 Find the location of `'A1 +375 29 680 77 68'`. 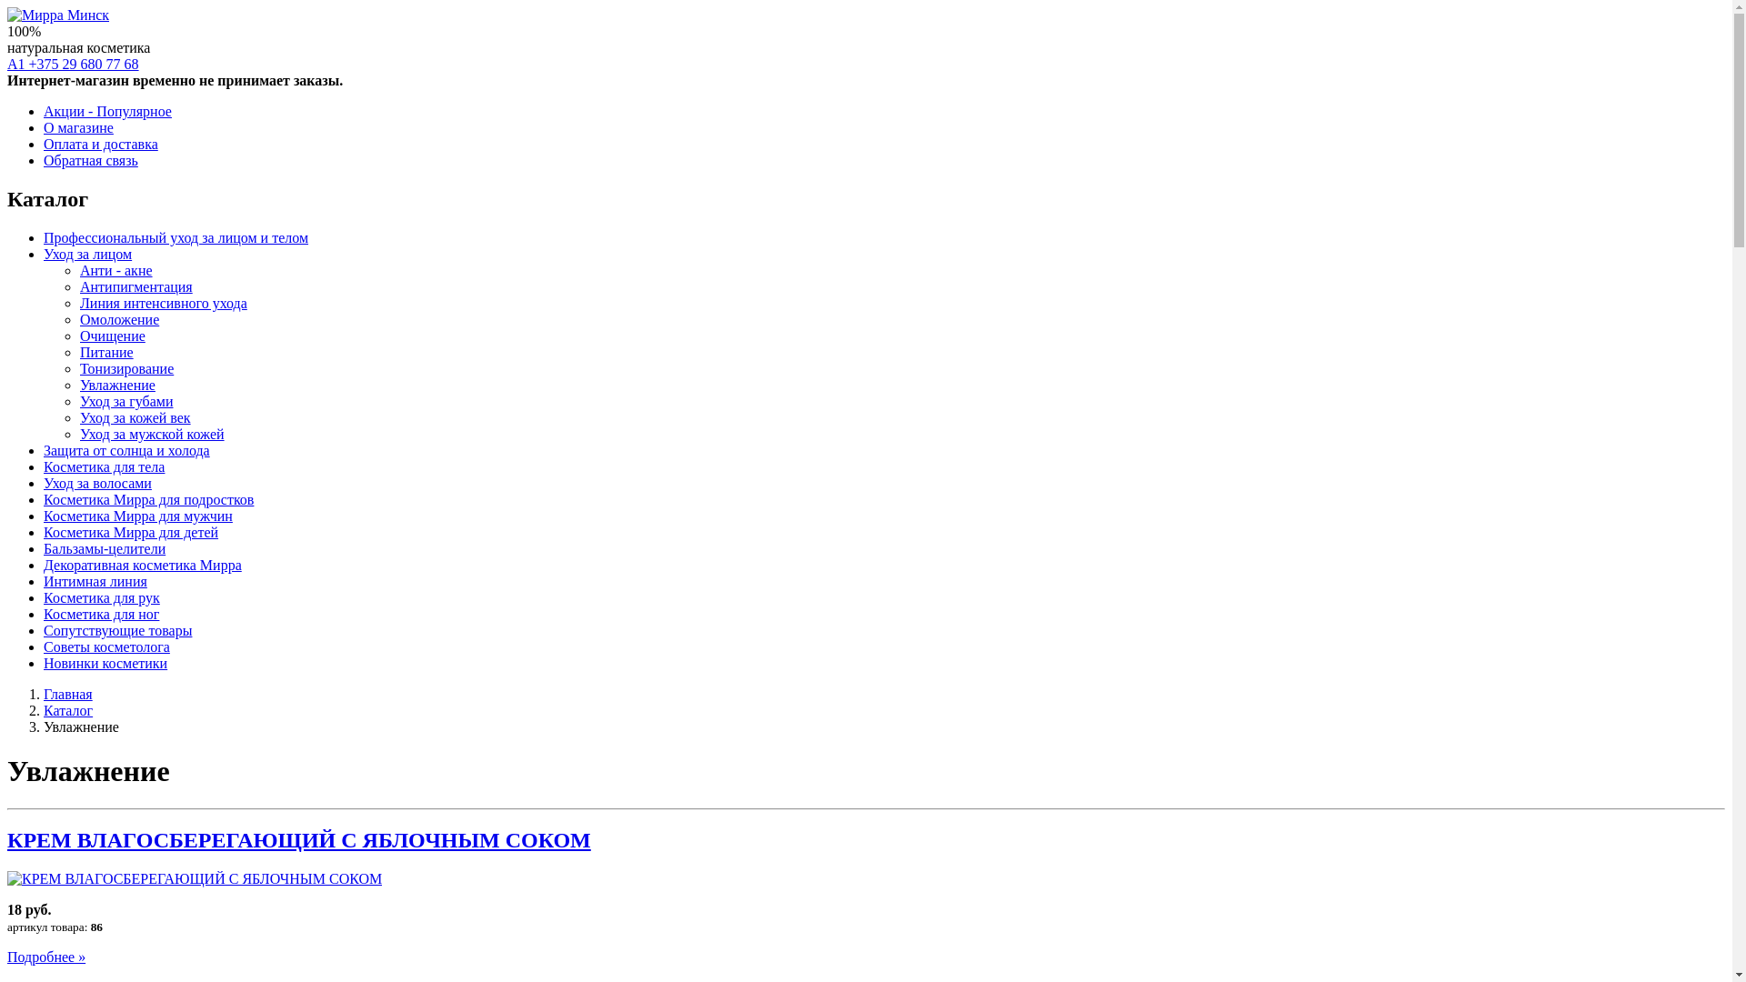

'A1 +375 29 680 77 68' is located at coordinates (73, 63).